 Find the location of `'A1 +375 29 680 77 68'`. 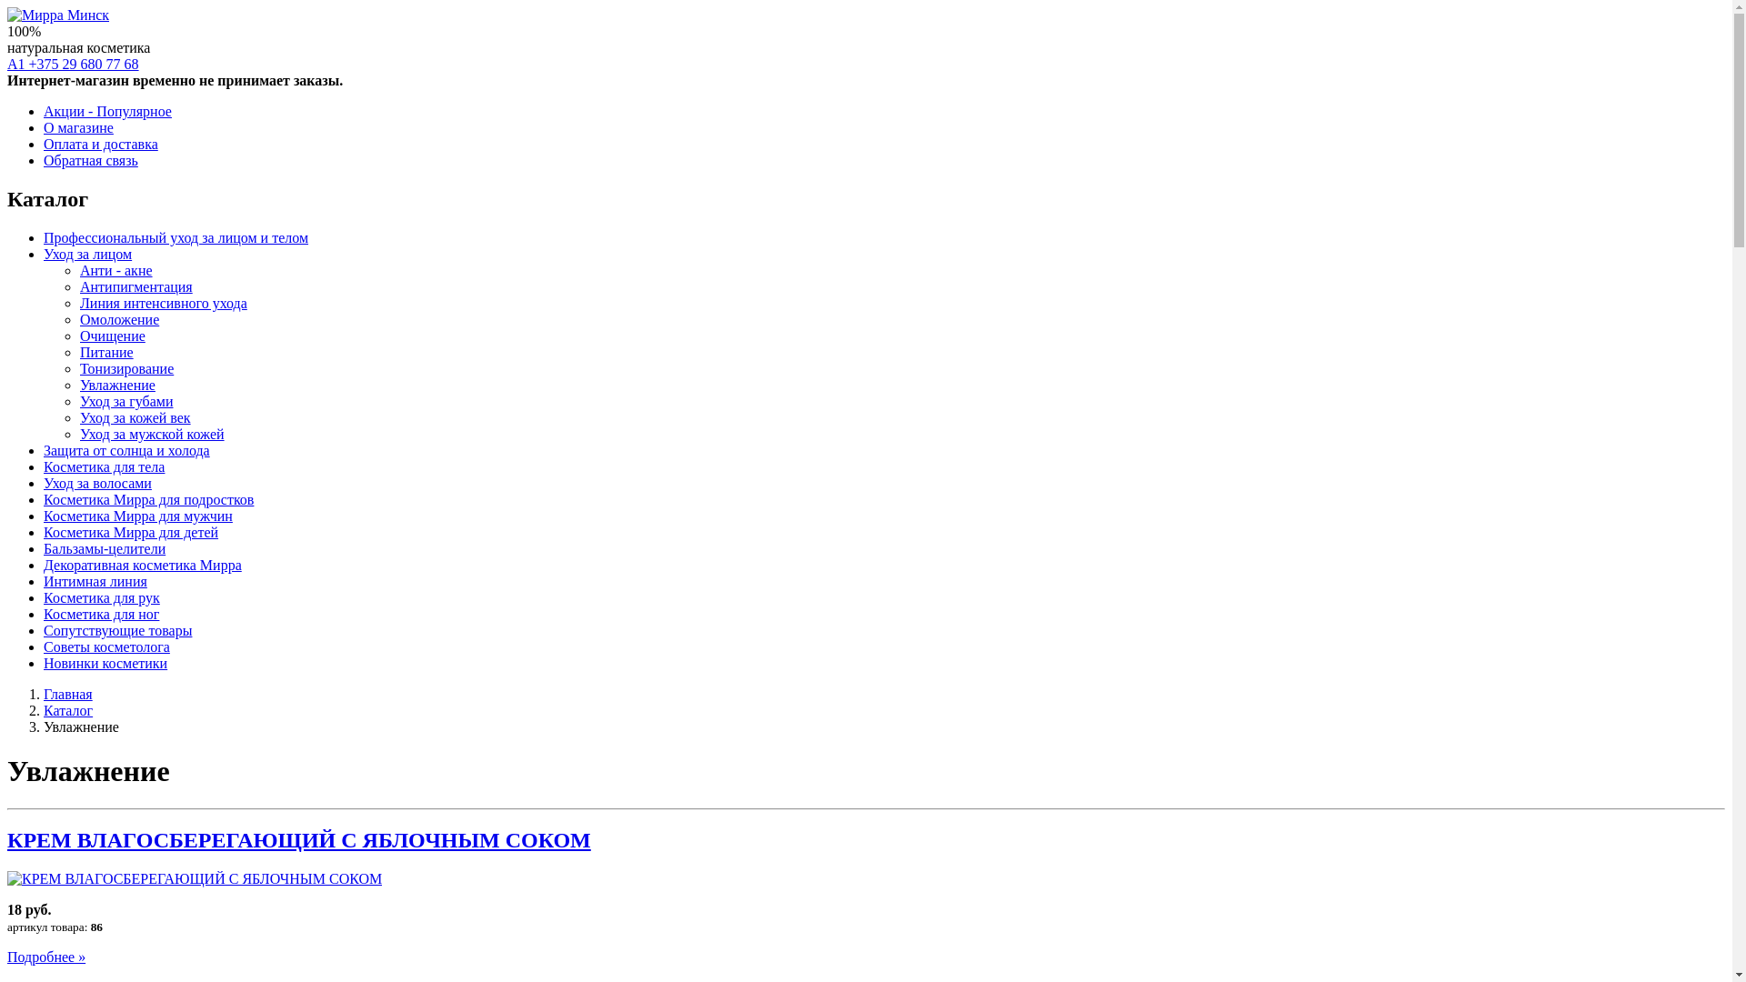

'A1 +375 29 680 77 68' is located at coordinates (73, 63).